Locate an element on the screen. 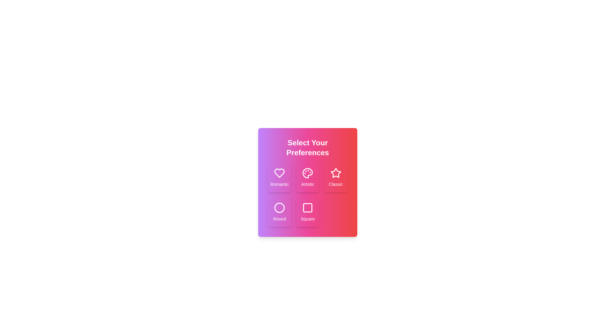 Image resolution: width=595 pixels, height=334 pixels. the preference option Romantic is located at coordinates (279, 178).